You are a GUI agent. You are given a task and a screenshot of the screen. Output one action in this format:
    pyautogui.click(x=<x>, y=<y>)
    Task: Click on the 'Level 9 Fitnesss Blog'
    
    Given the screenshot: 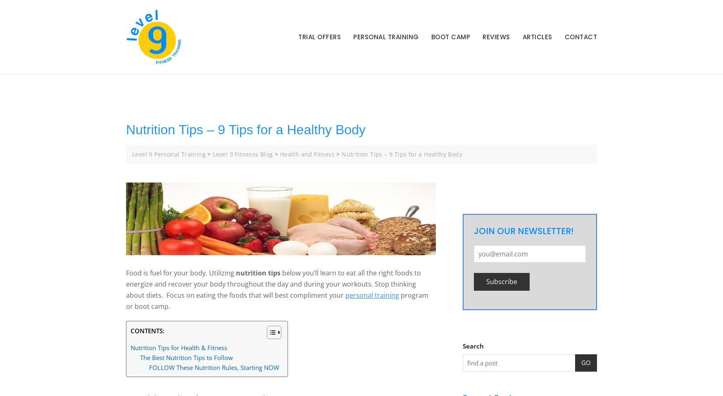 What is the action you would take?
    pyautogui.click(x=243, y=154)
    